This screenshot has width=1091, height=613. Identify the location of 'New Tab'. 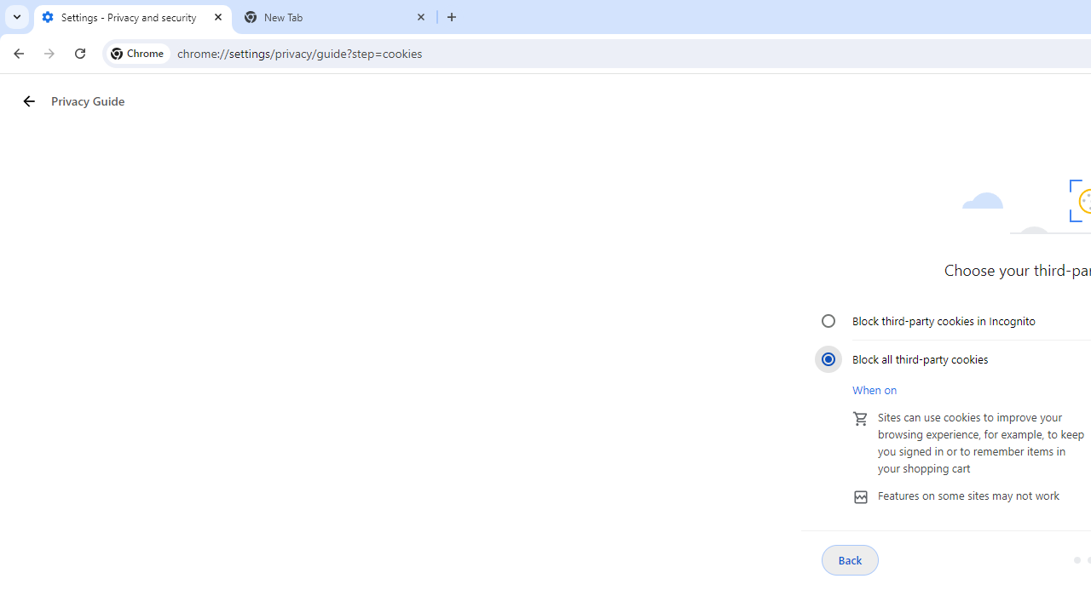
(336, 17).